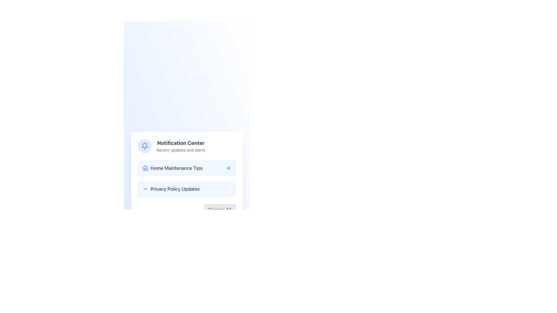 The width and height of the screenshot is (557, 313). What do you see at coordinates (219, 210) in the screenshot?
I see `the clear notifications button located at the bottom-right corner of the notification interface to observe interactions` at bounding box center [219, 210].